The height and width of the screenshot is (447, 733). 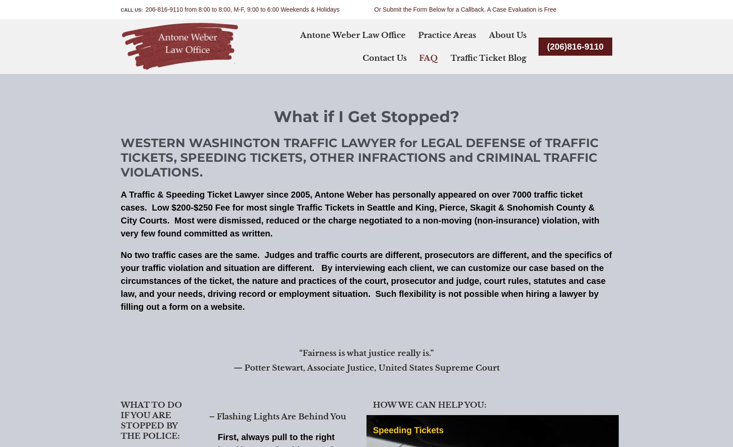 What do you see at coordinates (133, 9) in the screenshot?
I see `'CALL US:'` at bounding box center [133, 9].